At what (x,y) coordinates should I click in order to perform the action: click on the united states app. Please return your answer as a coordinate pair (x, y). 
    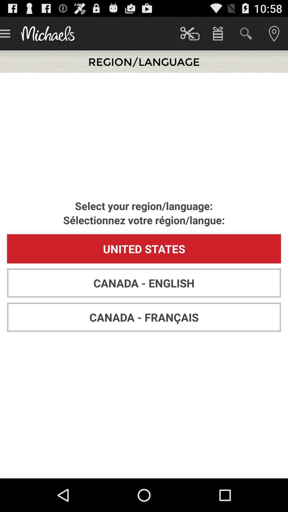
    Looking at the image, I should click on (144, 248).